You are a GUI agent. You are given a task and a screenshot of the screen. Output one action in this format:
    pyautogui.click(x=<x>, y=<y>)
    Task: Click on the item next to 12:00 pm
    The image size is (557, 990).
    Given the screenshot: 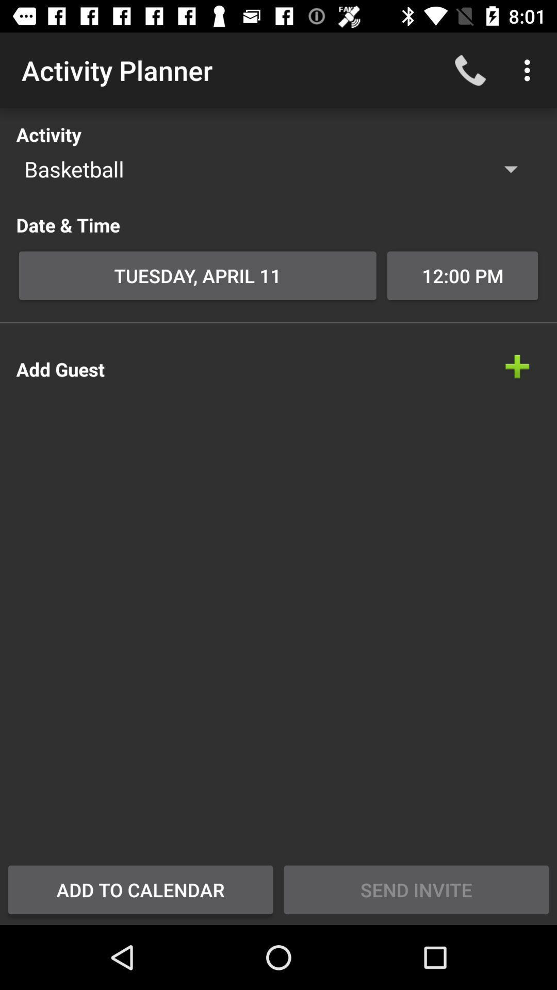 What is the action you would take?
    pyautogui.click(x=198, y=275)
    